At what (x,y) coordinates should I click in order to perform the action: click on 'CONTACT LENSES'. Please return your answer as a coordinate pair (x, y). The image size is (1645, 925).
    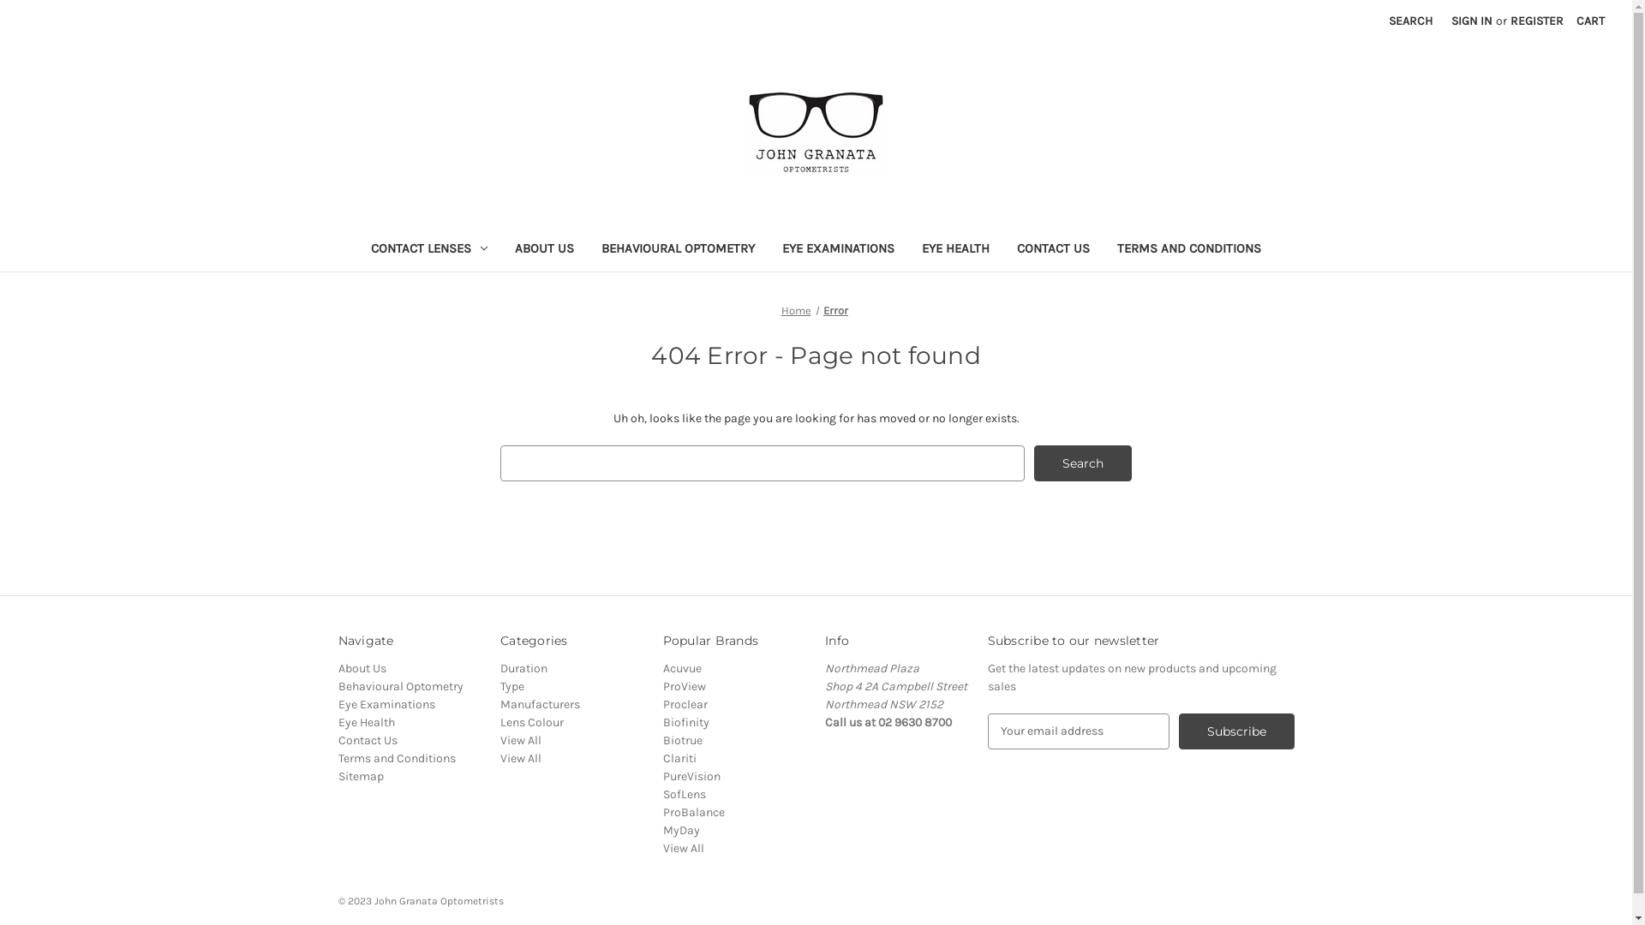
    Looking at the image, I should click on (356, 250).